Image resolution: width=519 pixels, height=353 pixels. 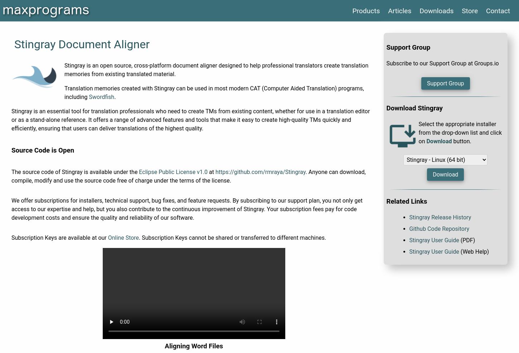 What do you see at coordinates (232, 237) in the screenshot?
I see `'.
                        Subscription Keys cannot be shared or transferred to different machines.'` at bounding box center [232, 237].